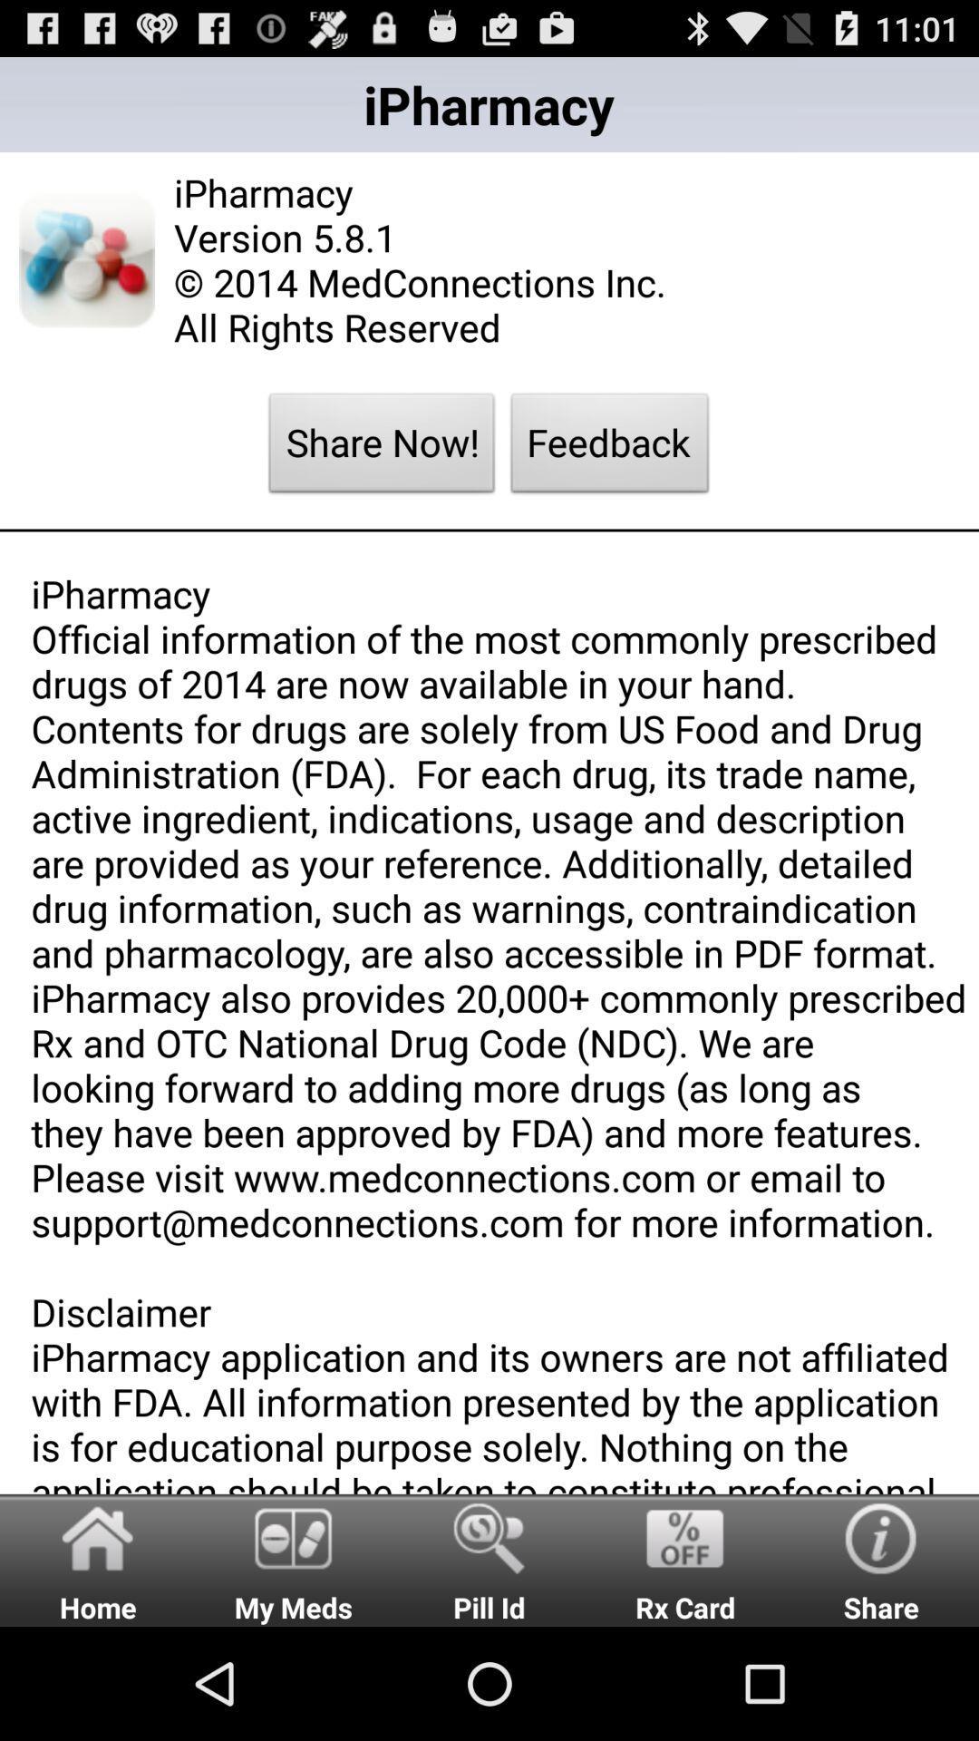 The height and width of the screenshot is (1741, 979). I want to click on item to the right of pill id radio button, so click(685, 1559).